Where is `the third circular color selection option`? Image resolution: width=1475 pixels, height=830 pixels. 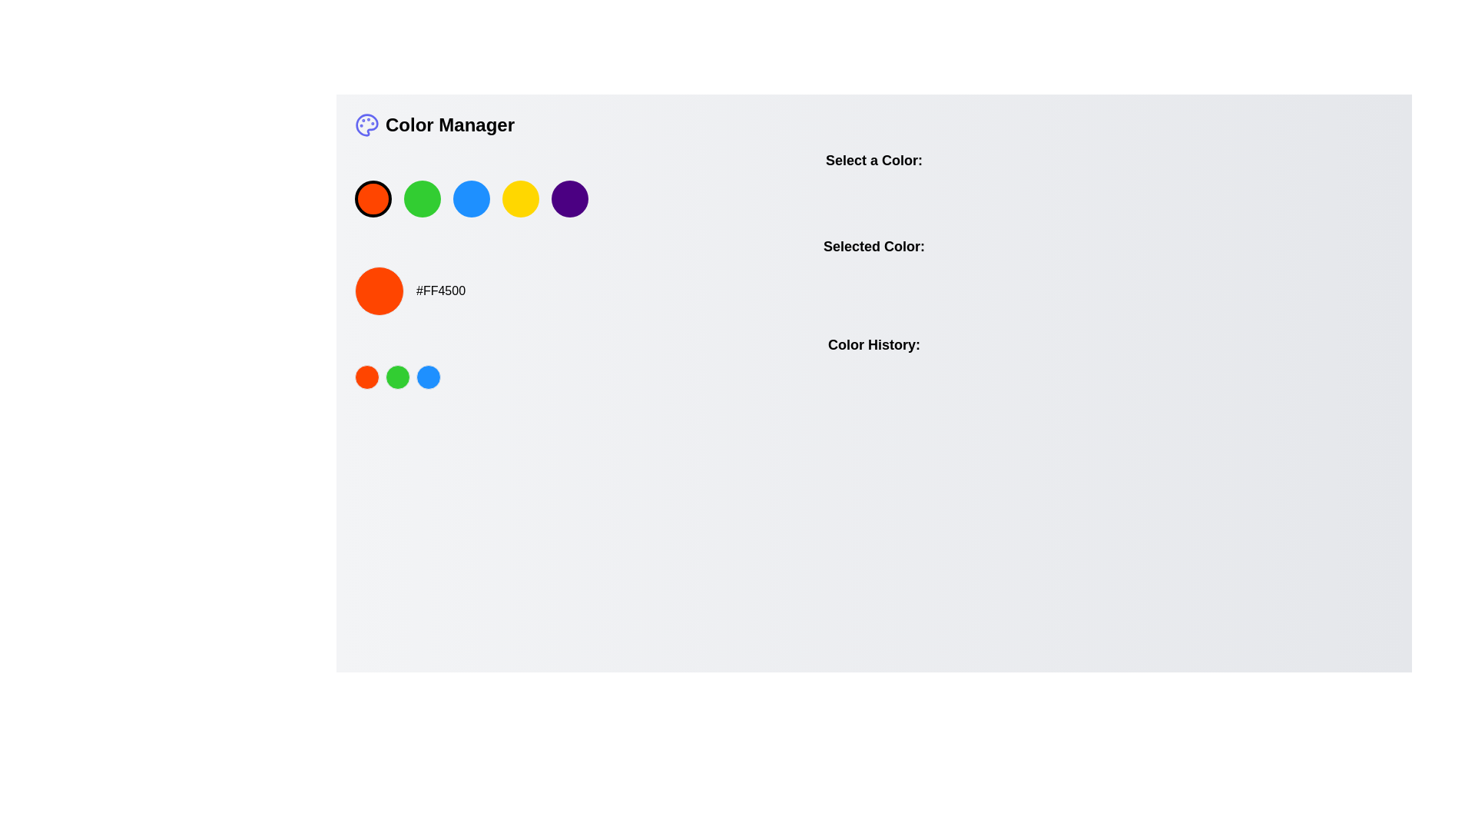 the third circular color selection option is located at coordinates (471, 198).